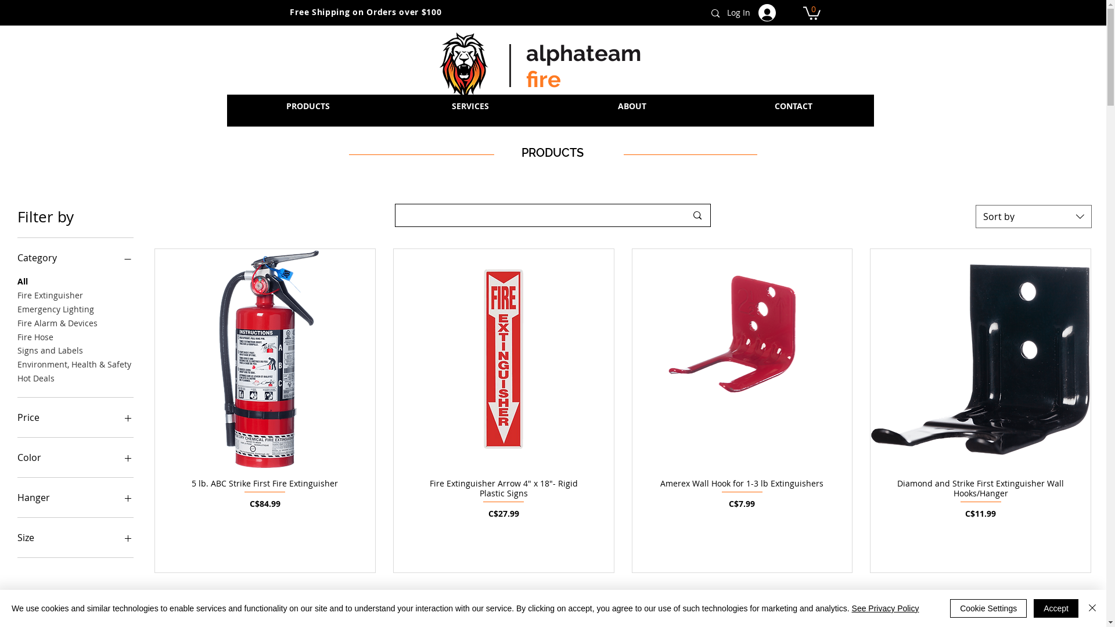  Describe the element at coordinates (1056, 608) in the screenshot. I see `'Accept'` at that location.